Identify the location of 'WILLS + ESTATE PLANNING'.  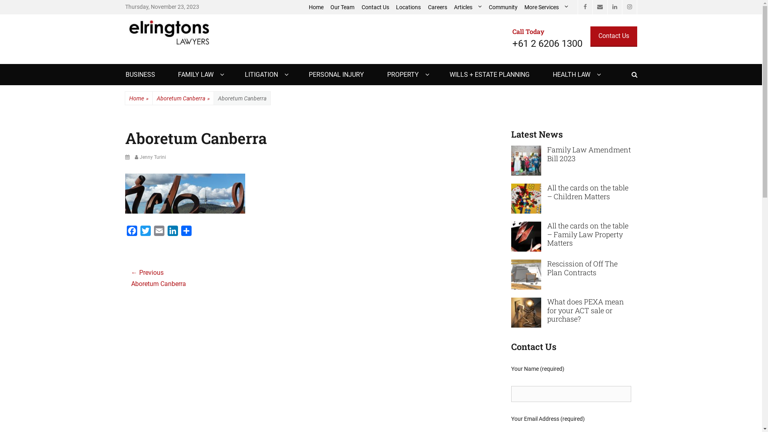
(489, 74).